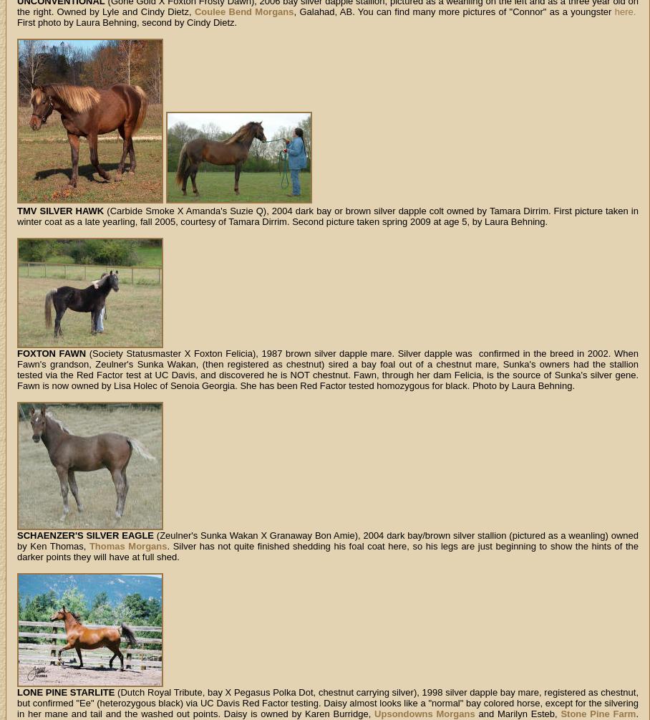  I want to click on 'LONE PINE STARLITE', so click(64, 691).